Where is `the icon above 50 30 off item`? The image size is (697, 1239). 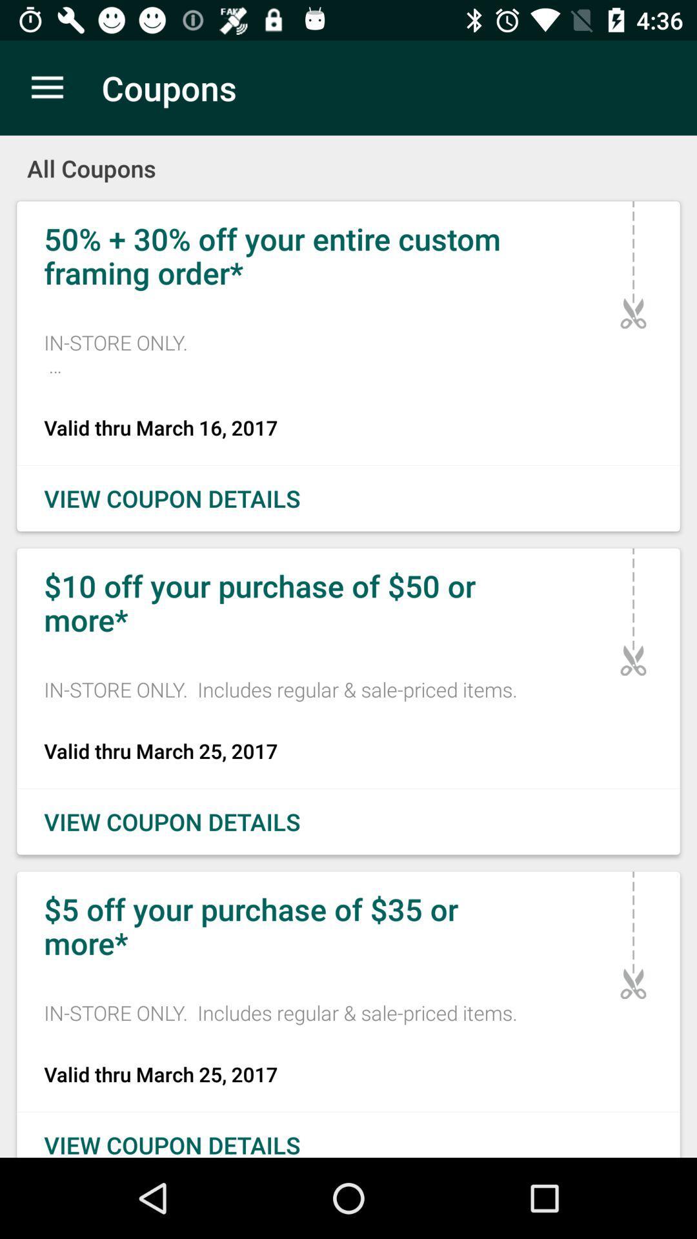 the icon above 50 30 off item is located at coordinates (348, 159).